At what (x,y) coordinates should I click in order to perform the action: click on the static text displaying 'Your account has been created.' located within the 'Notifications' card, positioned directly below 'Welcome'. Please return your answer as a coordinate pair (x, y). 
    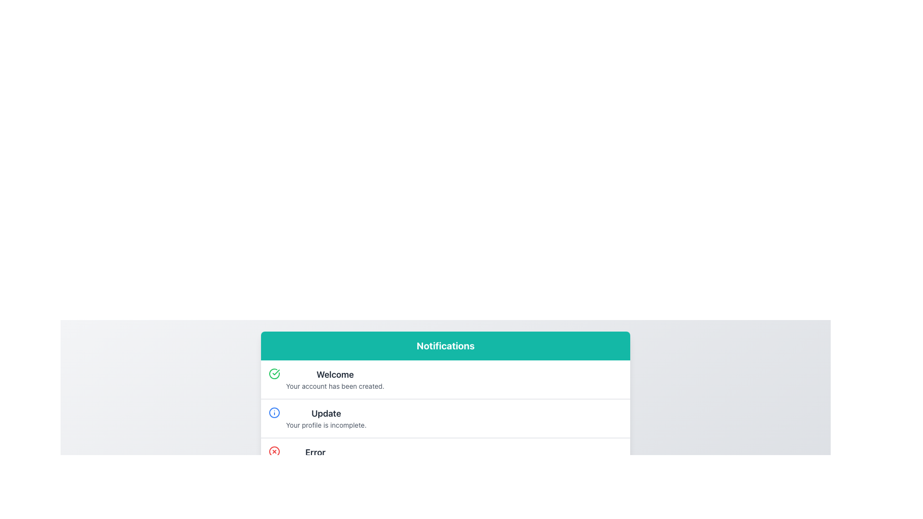
    Looking at the image, I should click on (335, 385).